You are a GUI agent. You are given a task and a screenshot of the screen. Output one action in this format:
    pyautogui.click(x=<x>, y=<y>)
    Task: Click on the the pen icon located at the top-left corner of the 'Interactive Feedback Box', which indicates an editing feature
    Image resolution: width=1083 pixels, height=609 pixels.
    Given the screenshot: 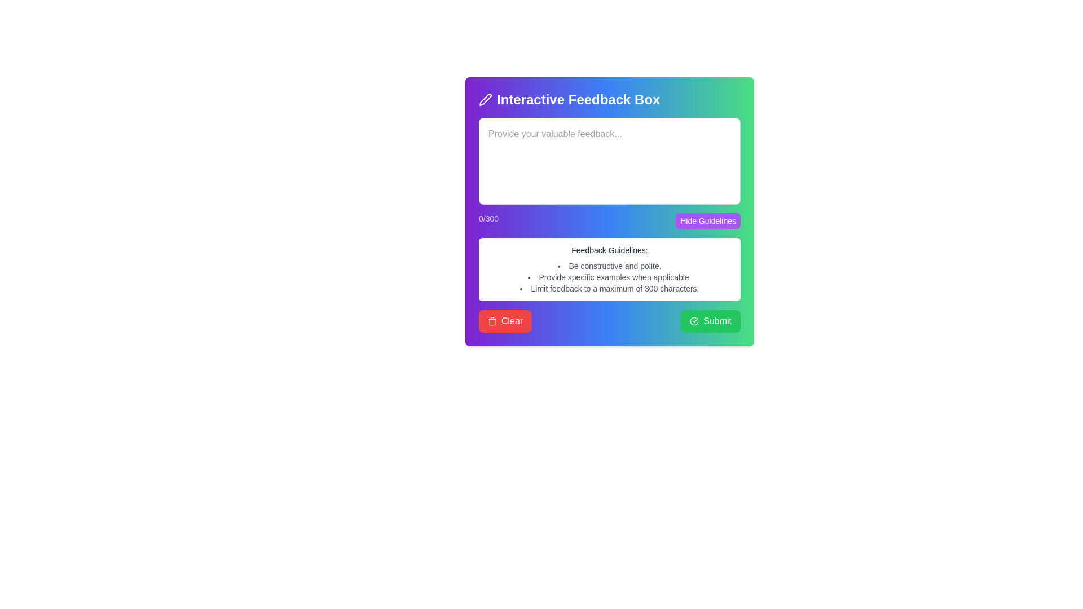 What is the action you would take?
    pyautogui.click(x=485, y=99)
    